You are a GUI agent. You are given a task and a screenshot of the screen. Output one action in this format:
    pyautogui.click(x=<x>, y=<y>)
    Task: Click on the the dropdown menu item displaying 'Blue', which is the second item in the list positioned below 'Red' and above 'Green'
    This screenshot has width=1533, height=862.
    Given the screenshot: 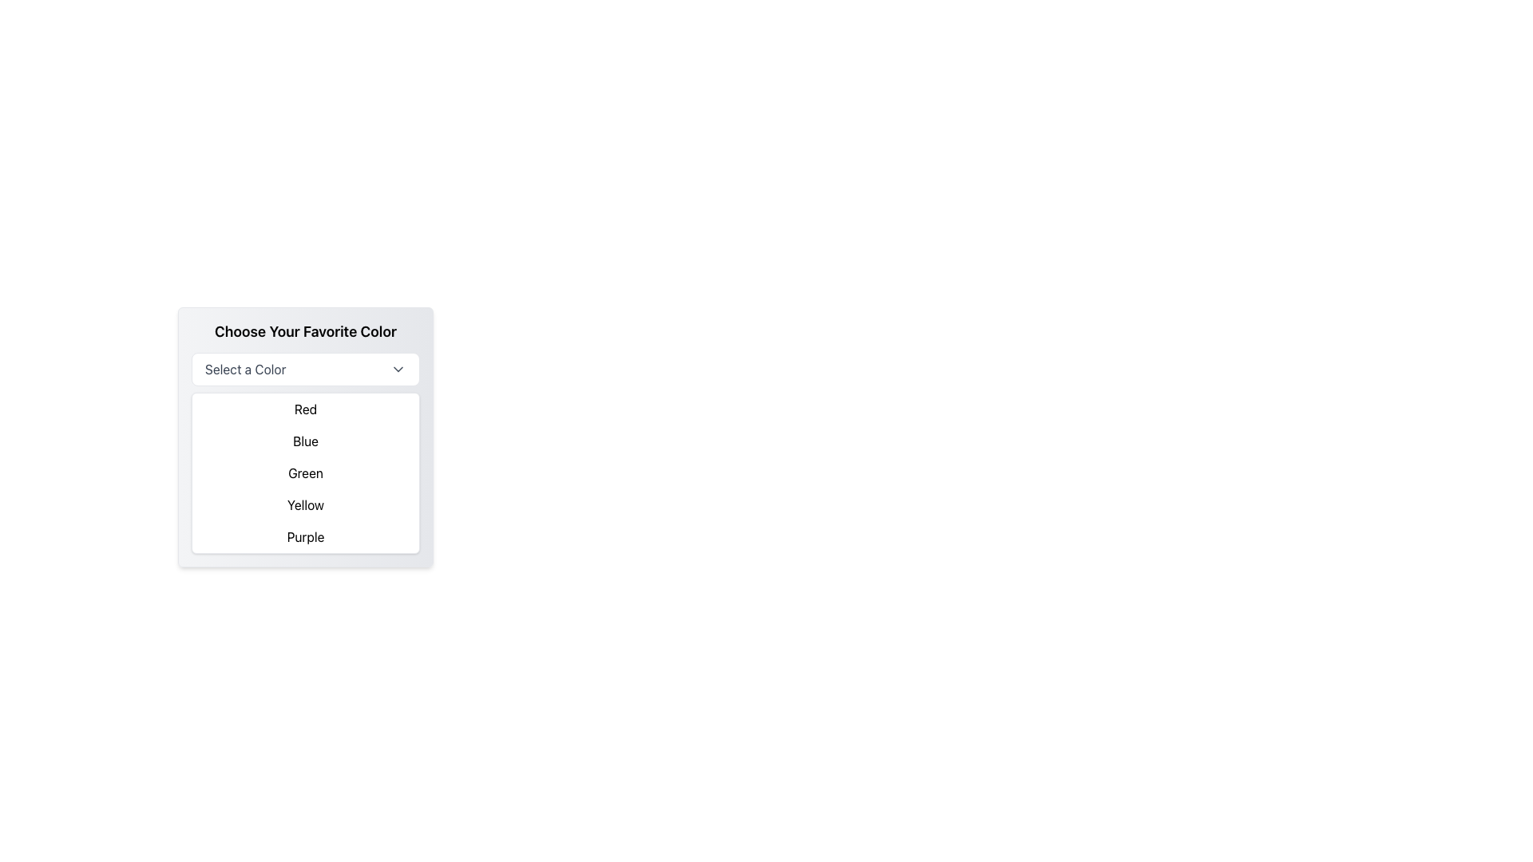 What is the action you would take?
    pyautogui.click(x=306, y=441)
    